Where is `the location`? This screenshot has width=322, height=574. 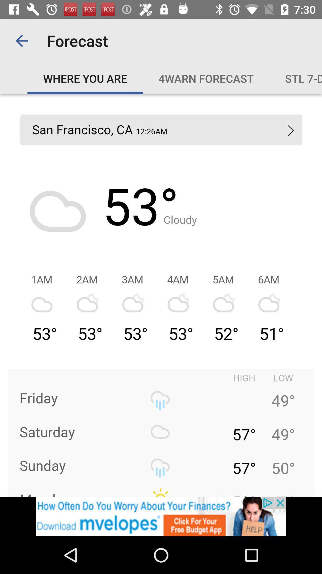
the location is located at coordinates (161, 295).